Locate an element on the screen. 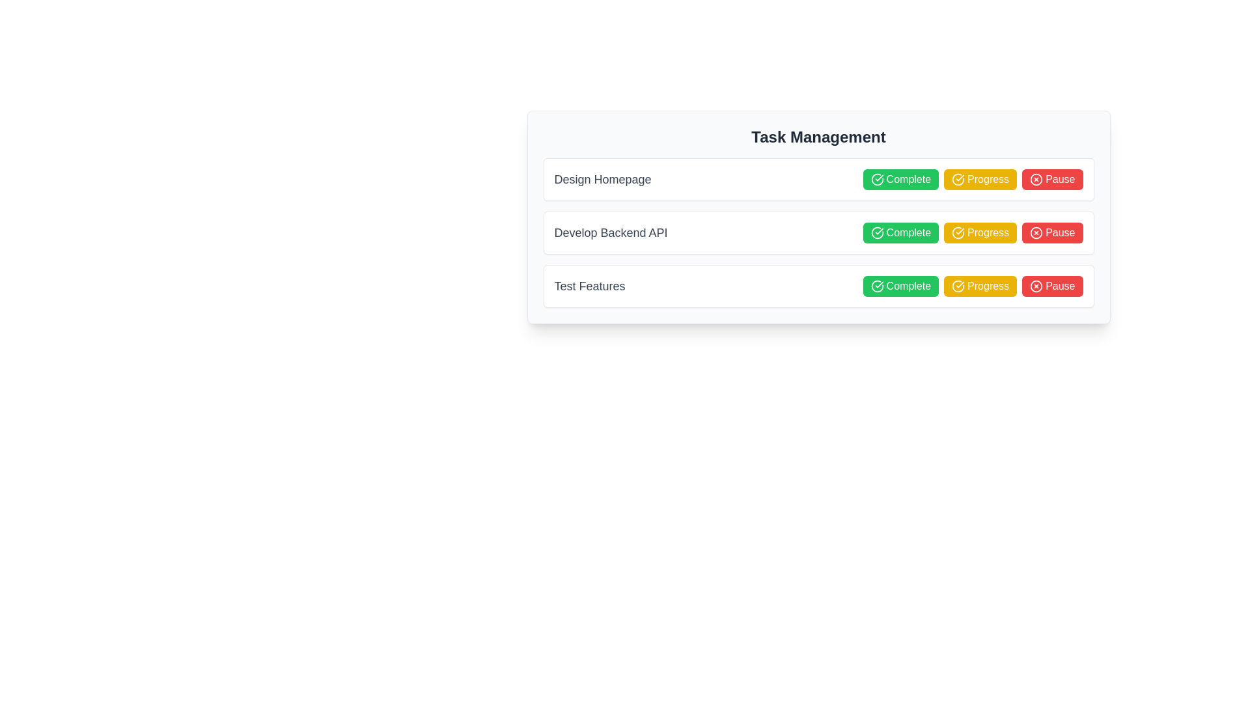  the Text Label that serves as a descriptive title for the task management panel, positioned at the top of the panel and centered horizontally is located at coordinates (818, 137).